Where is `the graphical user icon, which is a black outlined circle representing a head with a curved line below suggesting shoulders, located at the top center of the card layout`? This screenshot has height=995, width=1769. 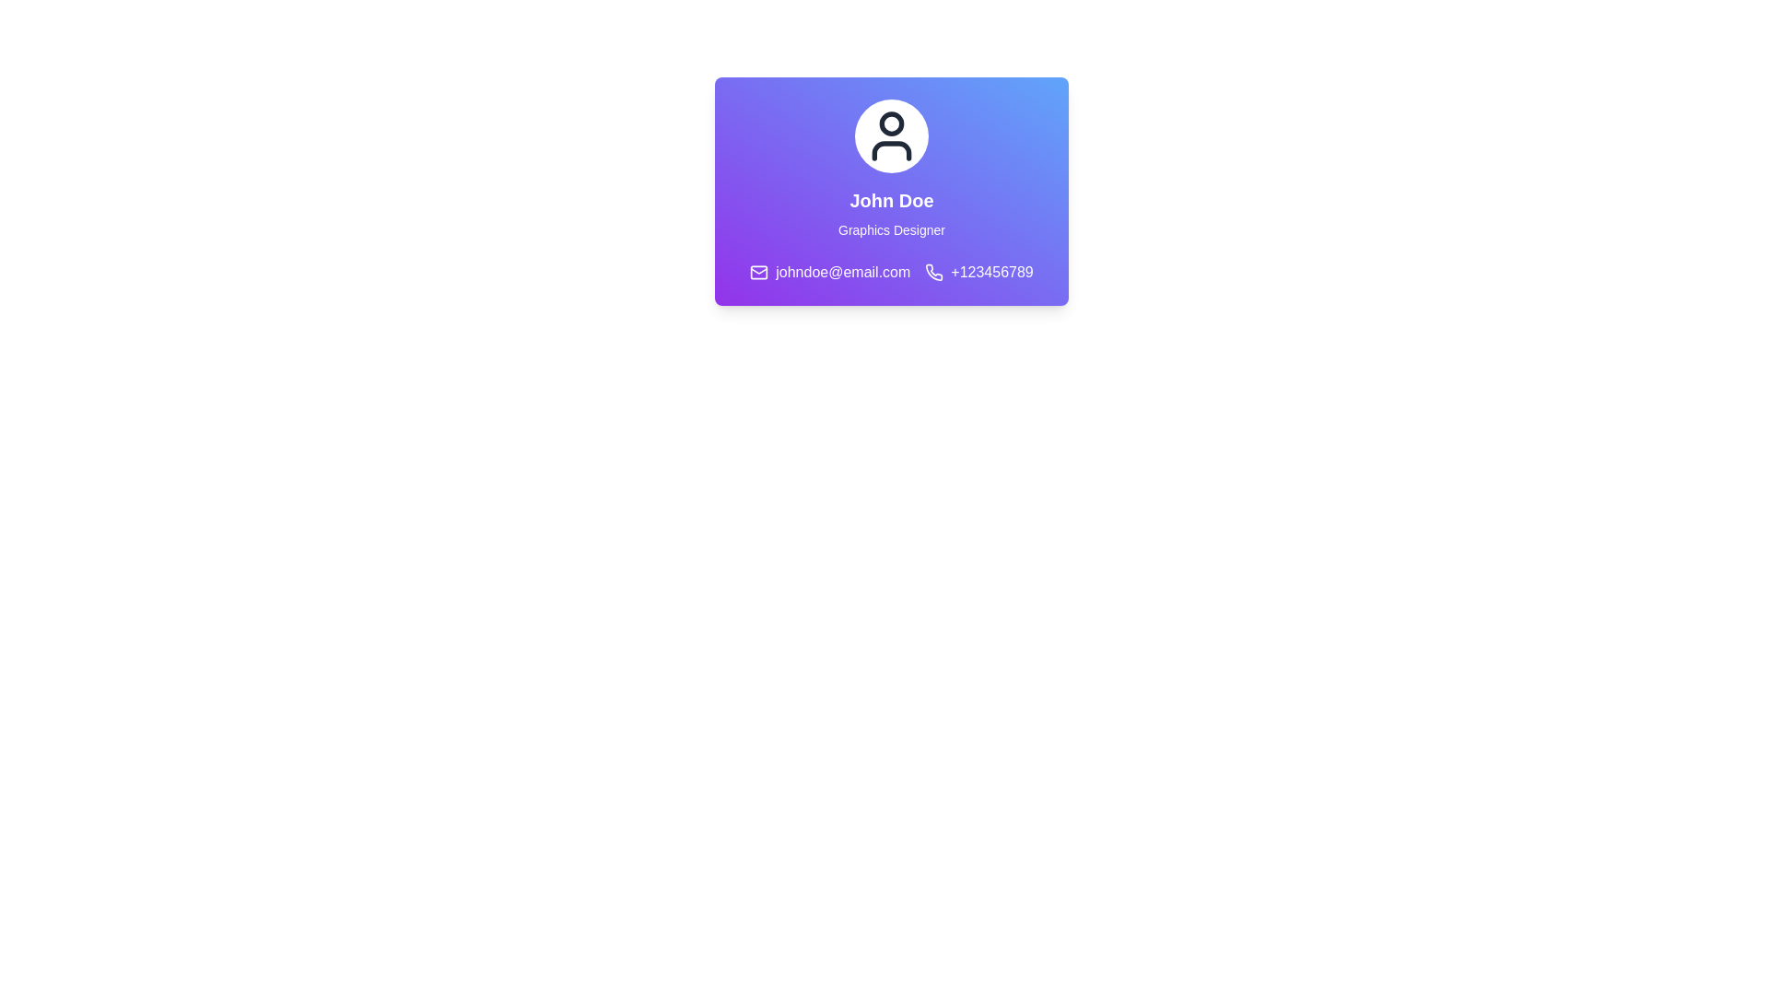 the graphical user icon, which is a black outlined circle representing a head with a curved line below suggesting shoulders, located at the top center of the card layout is located at coordinates (892, 135).